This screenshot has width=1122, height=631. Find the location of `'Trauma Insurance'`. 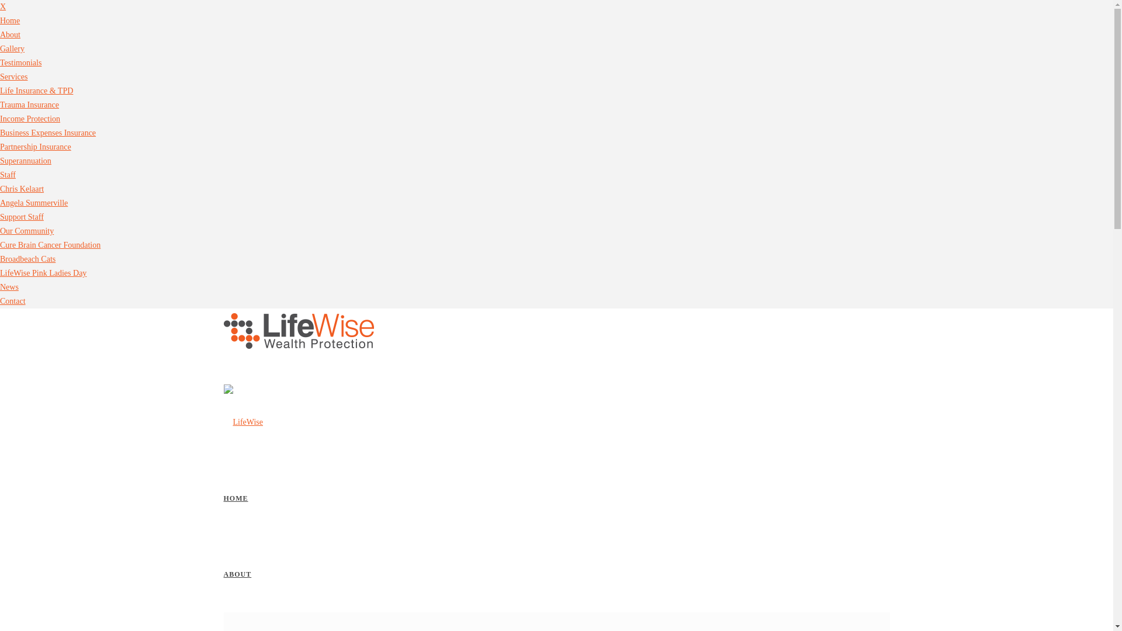

'Trauma Insurance' is located at coordinates (29, 104).